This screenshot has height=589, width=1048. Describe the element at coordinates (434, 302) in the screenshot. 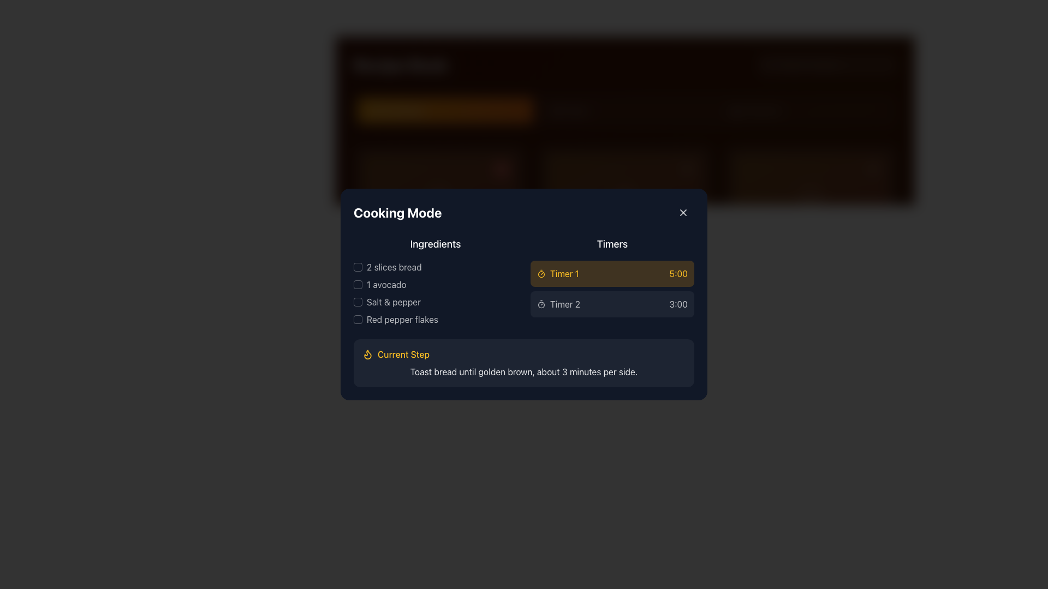

I see `the checkbox for the ingredient selection option in the 'Cooking Mode' interface` at that location.